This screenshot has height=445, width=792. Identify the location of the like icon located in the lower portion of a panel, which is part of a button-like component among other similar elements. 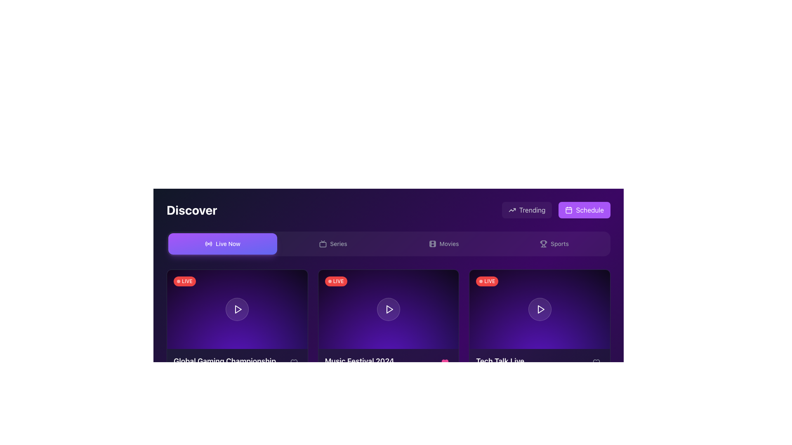
(445, 362).